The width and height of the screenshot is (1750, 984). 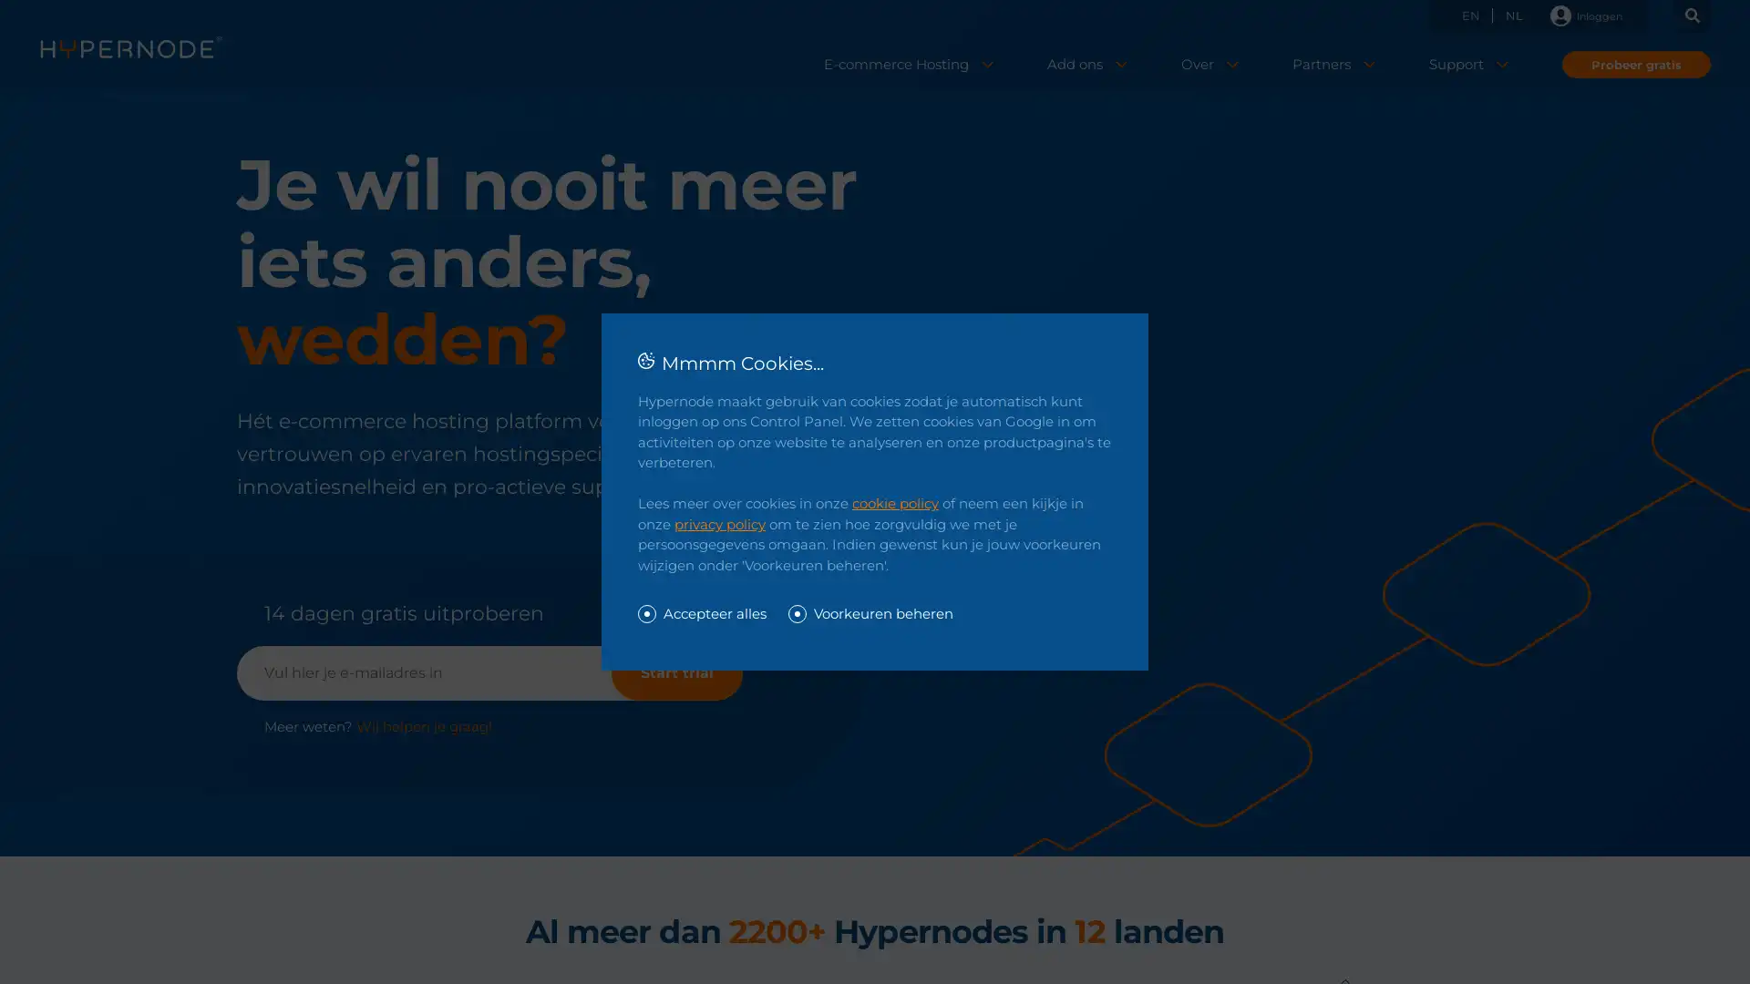 I want to click on Voorkeuren beheren, so click(x=870, y=614).